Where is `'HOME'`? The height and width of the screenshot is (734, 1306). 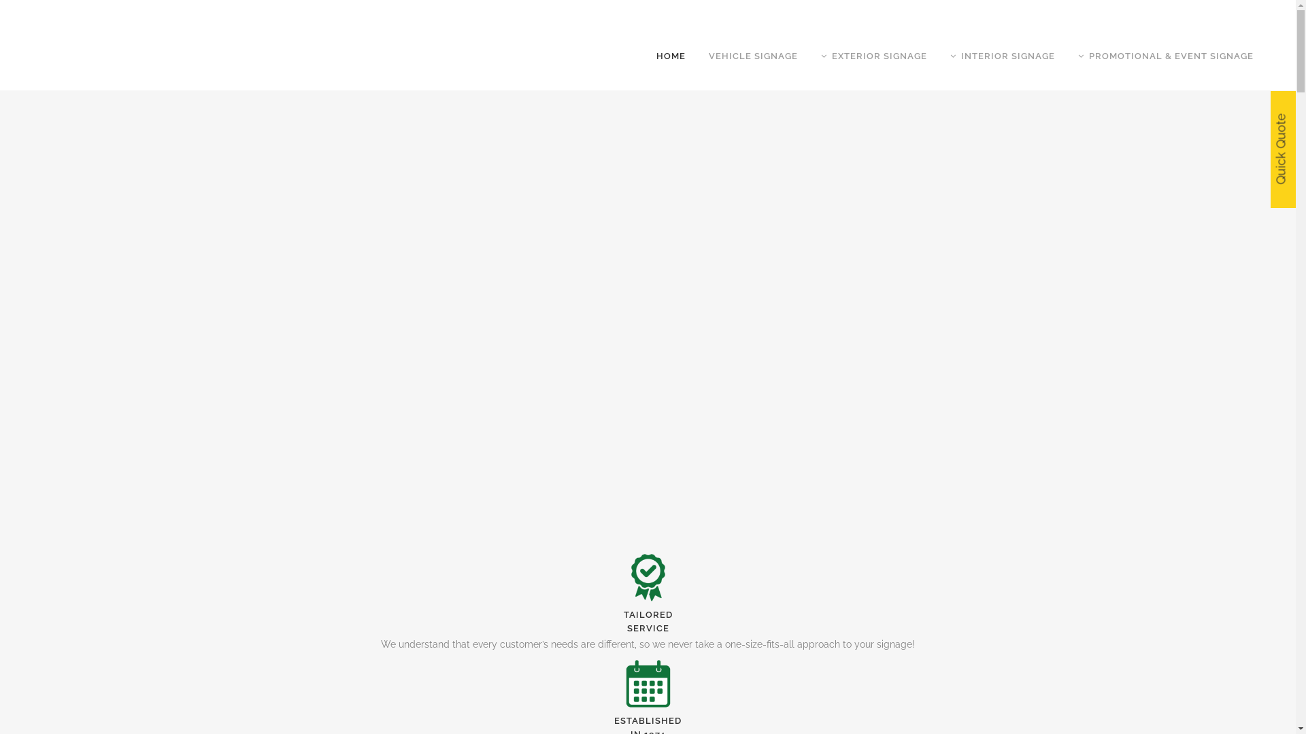 'HOME' is located at coordinates (671, 56).